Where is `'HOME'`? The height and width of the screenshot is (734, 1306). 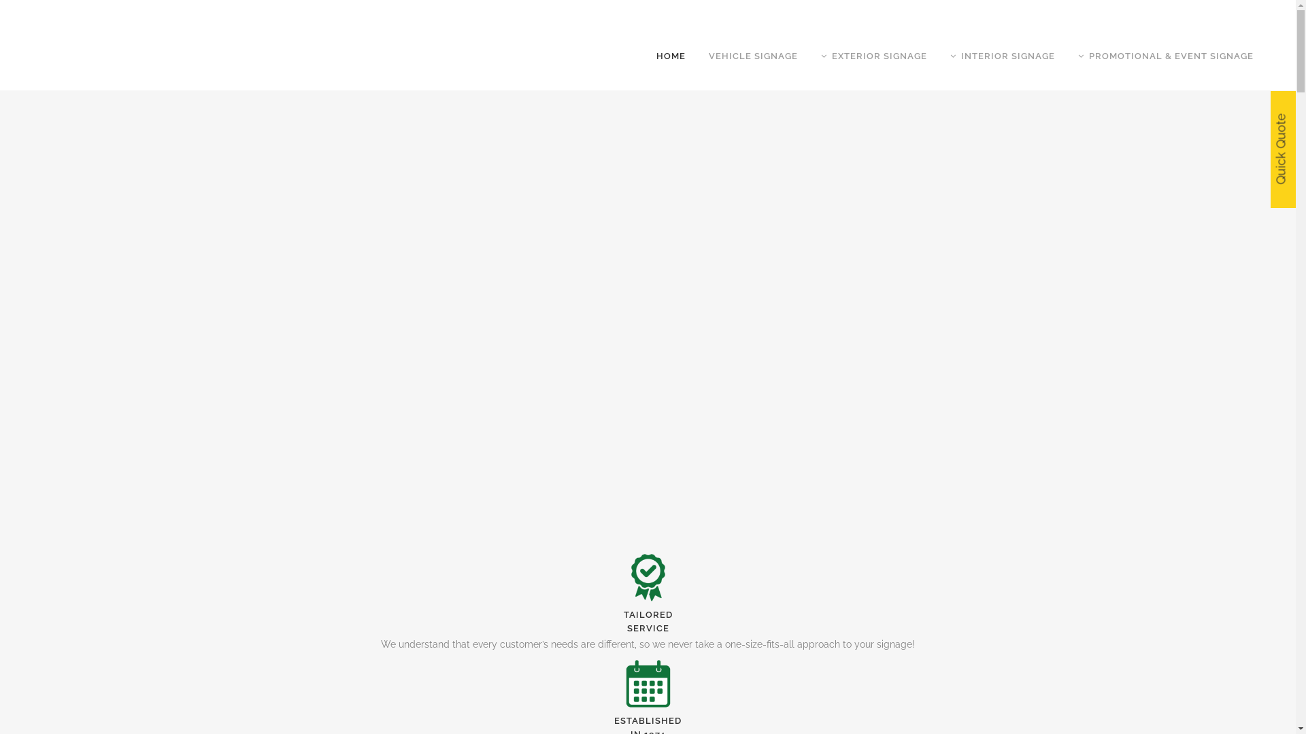 'HOME' is located at coordinates (671, 56).